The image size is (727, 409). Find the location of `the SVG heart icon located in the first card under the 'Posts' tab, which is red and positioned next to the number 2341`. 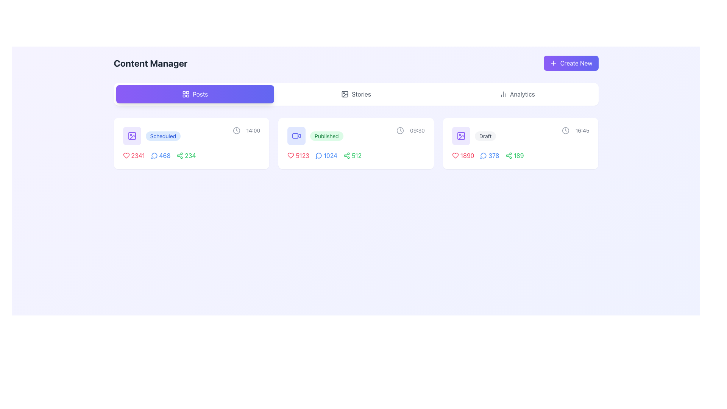

the SVG heart icon located in the first card under the 'Posts' tab, which is red and positioned next to the number 2341 is located at coordinates (126, 155).